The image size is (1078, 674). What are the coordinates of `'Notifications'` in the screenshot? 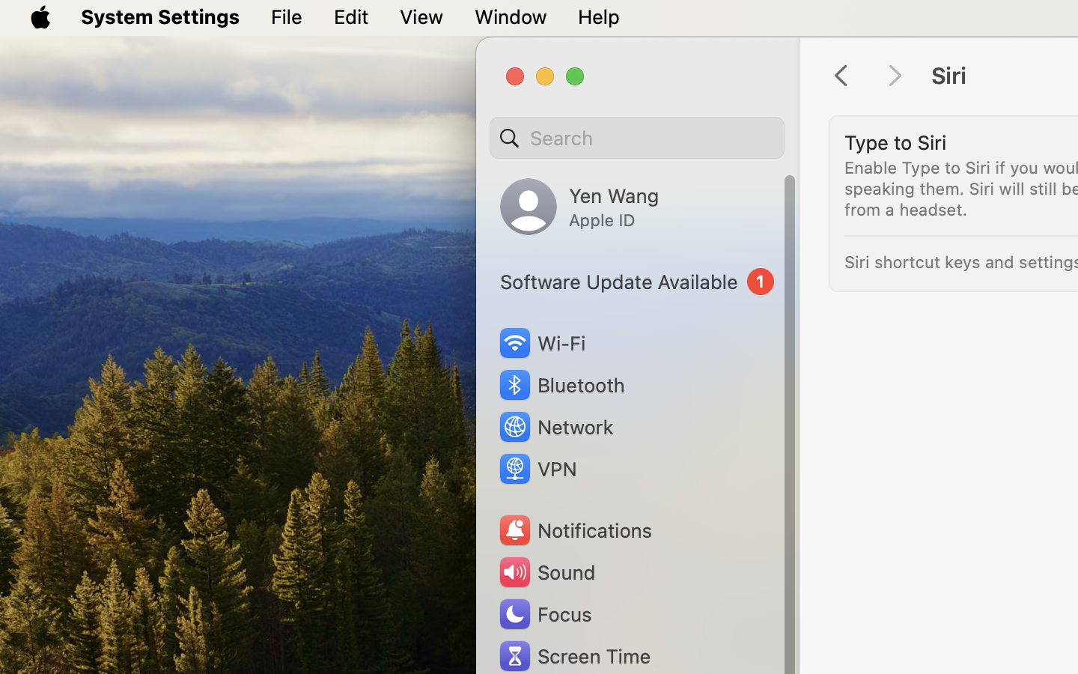 It's located at (573, 529).